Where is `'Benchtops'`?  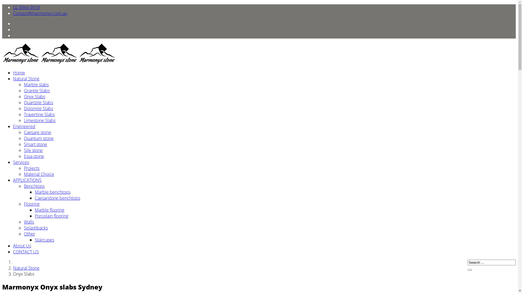
'Benchtops' is located at coordinates (34, 186).